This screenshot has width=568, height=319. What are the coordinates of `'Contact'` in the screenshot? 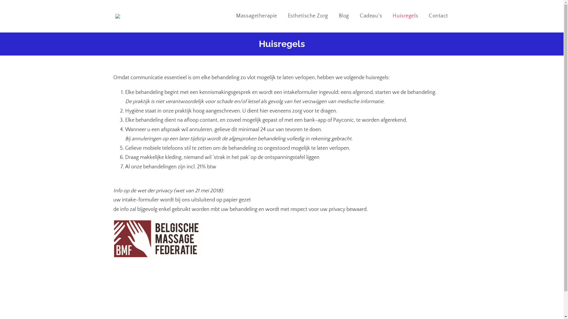 It's located at (438, 16).